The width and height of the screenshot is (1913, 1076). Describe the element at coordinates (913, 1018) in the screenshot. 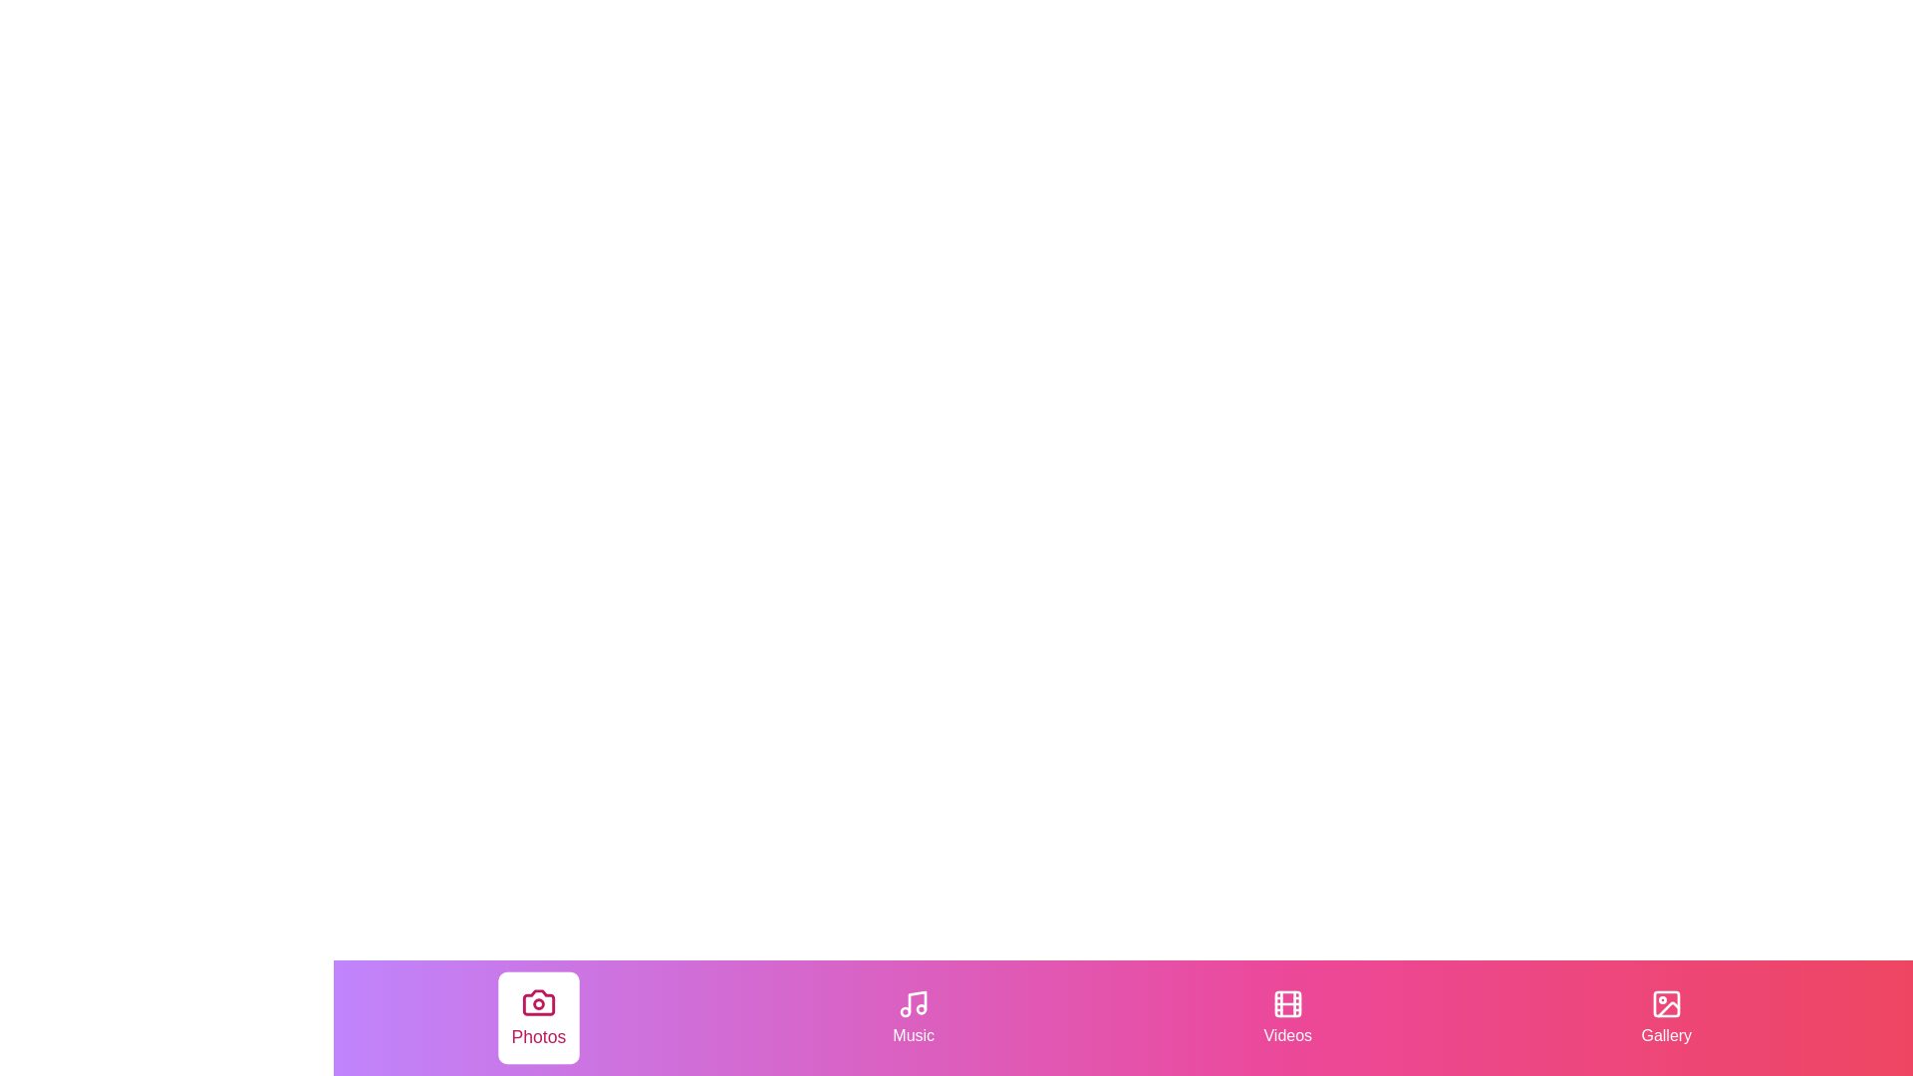

I see `the Music tab to observe its hover effect` at that location.